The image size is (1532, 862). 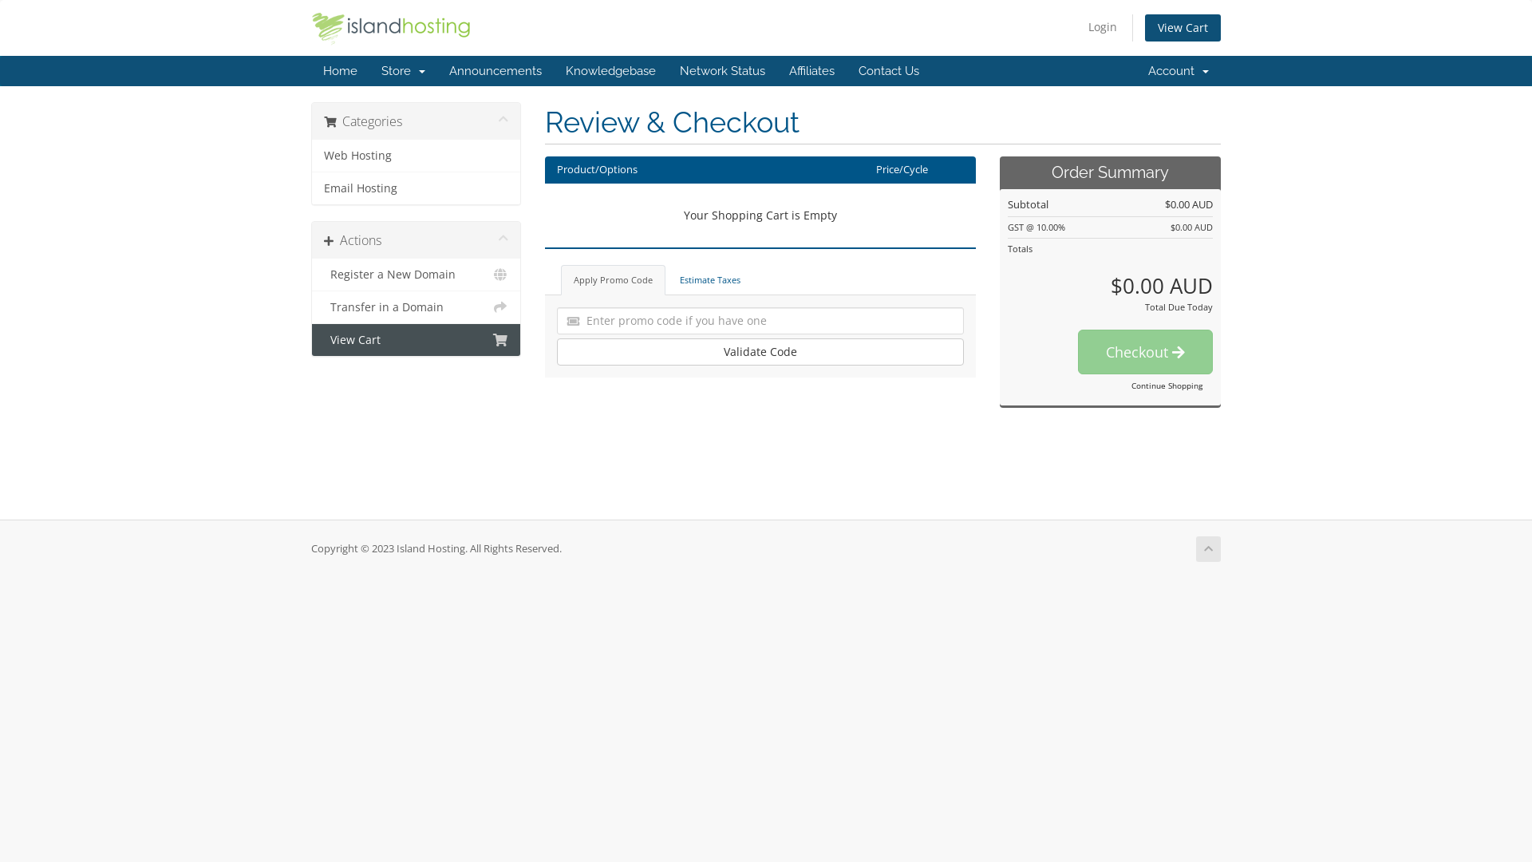 What do you see at coordinates (610, 69) in the screenshot?
I see `'Knowledgebase'` at bounding box center [610, 69].